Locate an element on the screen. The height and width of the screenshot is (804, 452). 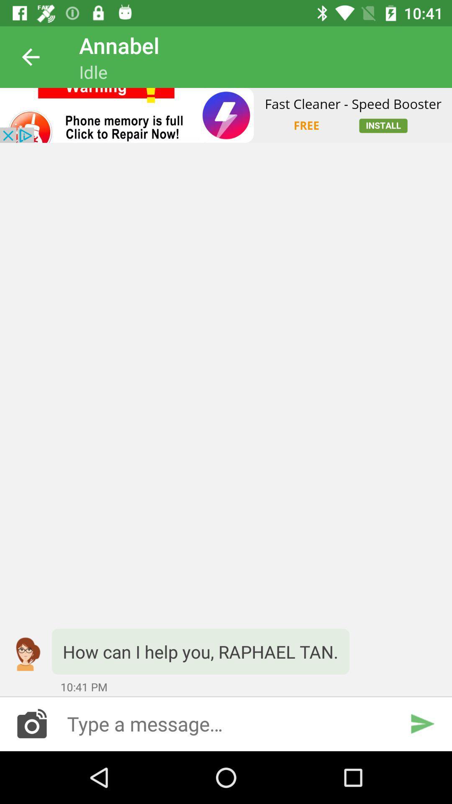
images is located at coordinates (31, 723).